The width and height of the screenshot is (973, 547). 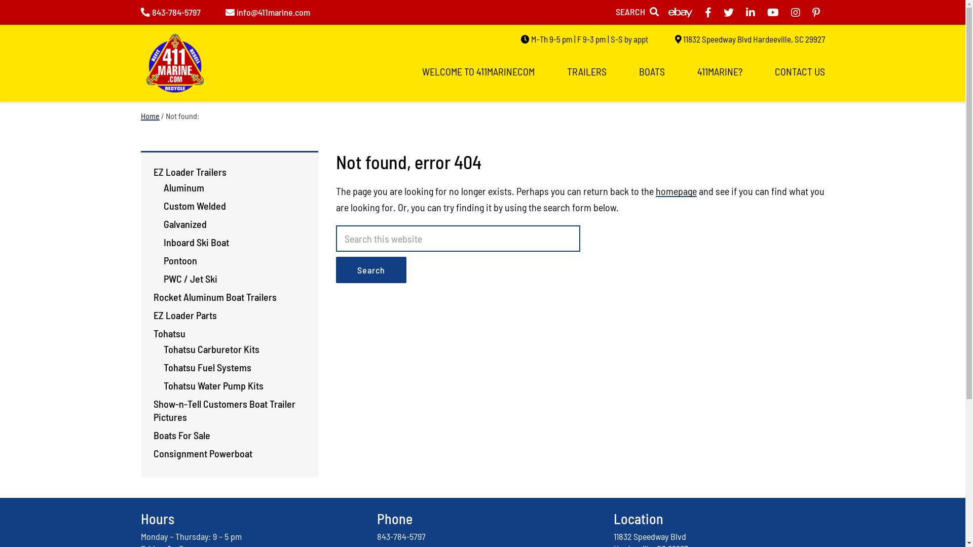 What do you see at coordinates (180, 259) in the screenshot?
I see `'Pontoon'` at bounding box center [180, 259].